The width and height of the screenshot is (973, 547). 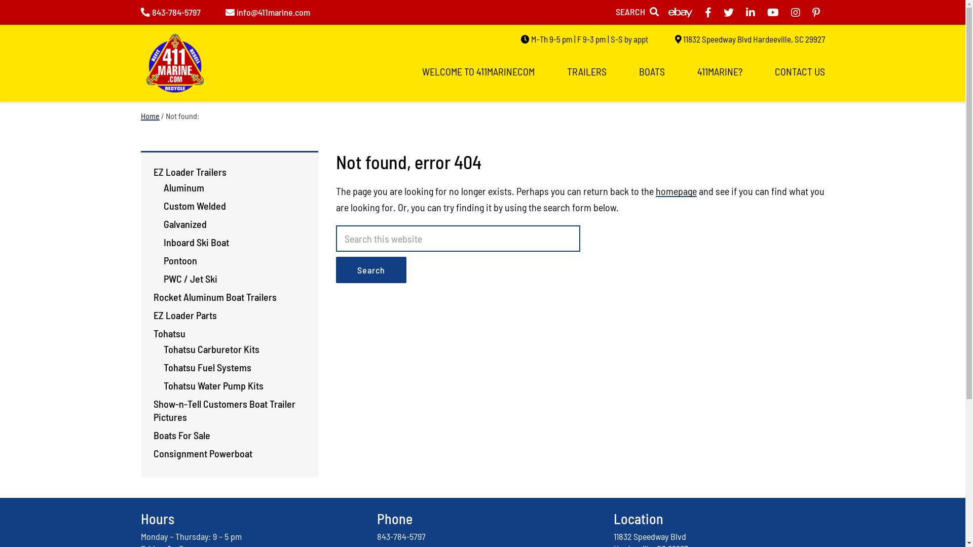 What do you see at coordinates (180, 259) in the screenshot?
I see `'Pontoon'` at bounding box center [180, 259].